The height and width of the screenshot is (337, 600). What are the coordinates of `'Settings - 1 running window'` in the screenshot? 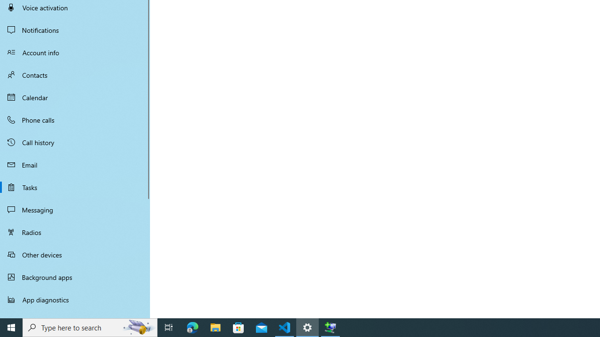 It's located at (307, 327).